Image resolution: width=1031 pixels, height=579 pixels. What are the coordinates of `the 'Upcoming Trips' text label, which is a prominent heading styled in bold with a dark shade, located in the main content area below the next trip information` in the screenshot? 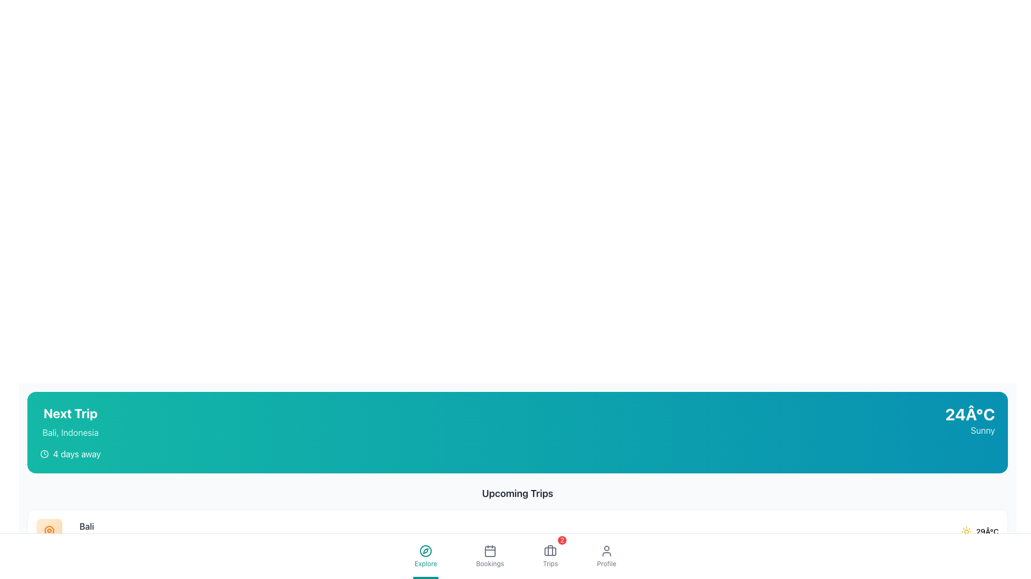 It's located at (518, 494).